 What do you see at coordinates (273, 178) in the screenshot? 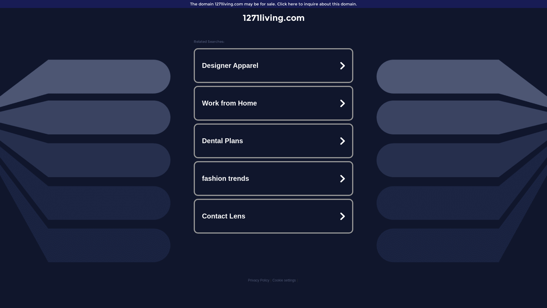
I see `'fashion trends'` at bounding box center [273, 178].